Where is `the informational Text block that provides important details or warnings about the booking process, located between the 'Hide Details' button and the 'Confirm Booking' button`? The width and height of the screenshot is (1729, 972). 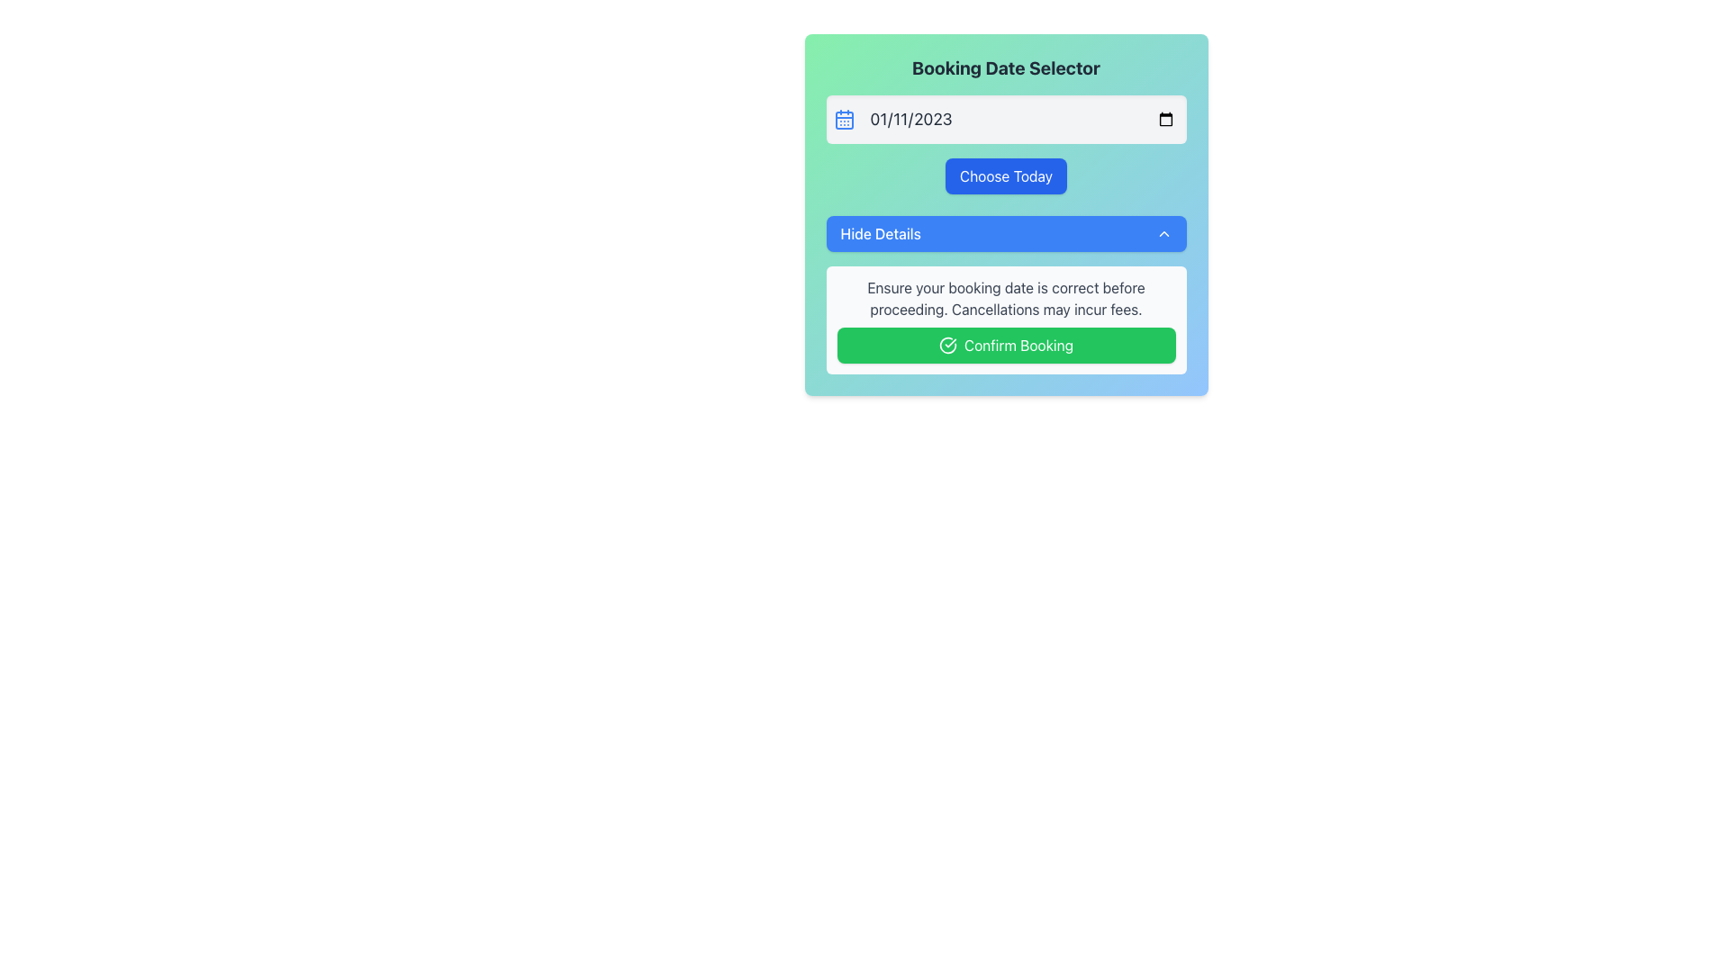 the informational Text block that provides important details or warnings about the booking process, located between the 'Hide Details' button and the 'Confirm Booking' button is located at coordinates (1005, 297).